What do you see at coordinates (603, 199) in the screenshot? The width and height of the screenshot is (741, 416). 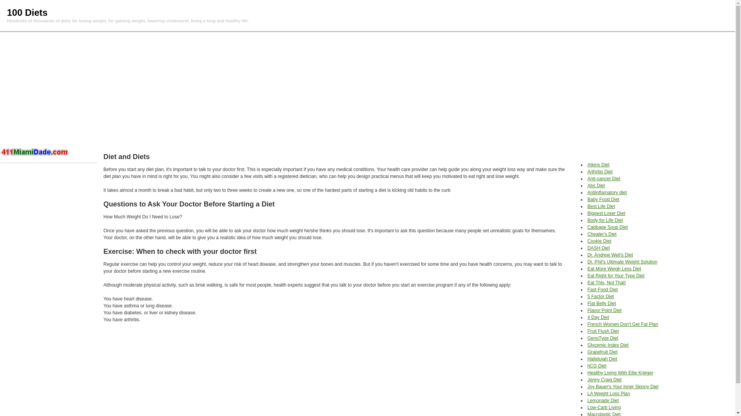 I see `'Baby Food Diet'` at bounding box center [603, 199].